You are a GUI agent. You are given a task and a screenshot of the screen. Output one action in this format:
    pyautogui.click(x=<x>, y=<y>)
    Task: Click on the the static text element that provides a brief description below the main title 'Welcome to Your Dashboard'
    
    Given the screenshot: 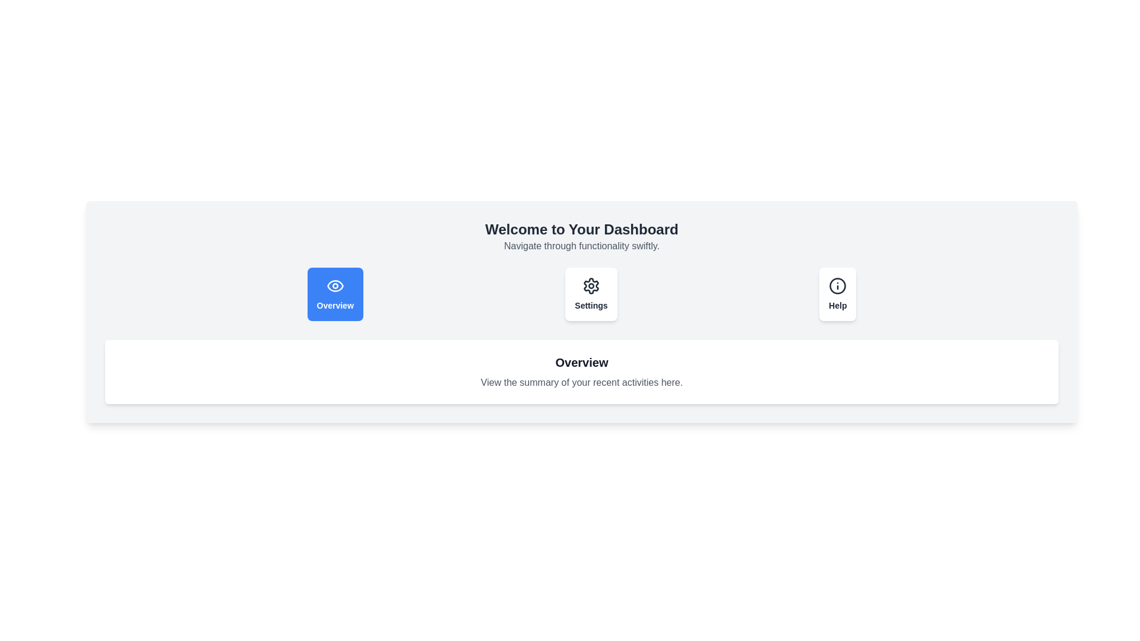 What is the action you would take?
    pyautogui.click(x=581, y=246)
    